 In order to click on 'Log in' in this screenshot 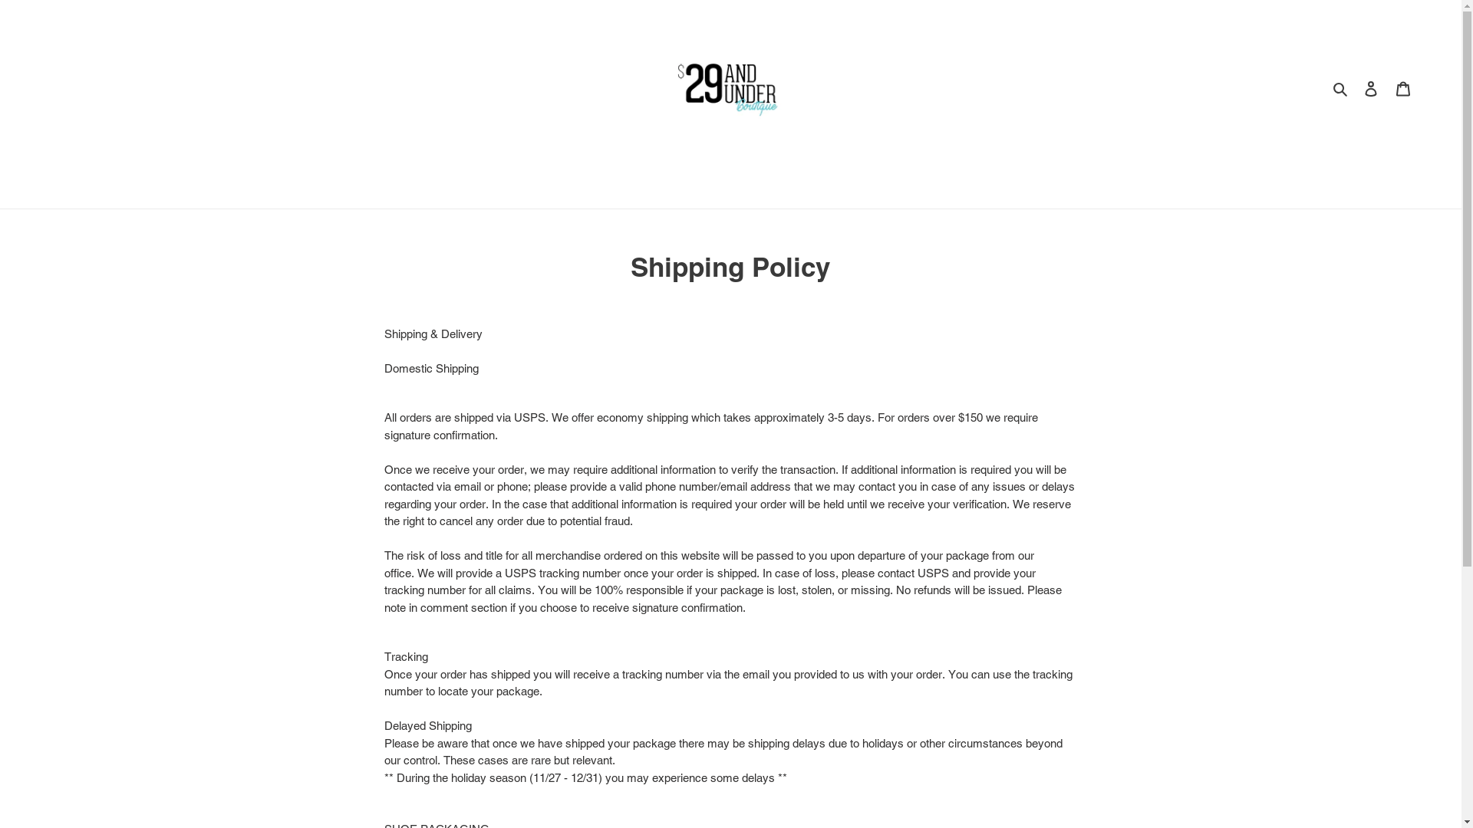, I will do `click(1370, 88)`.